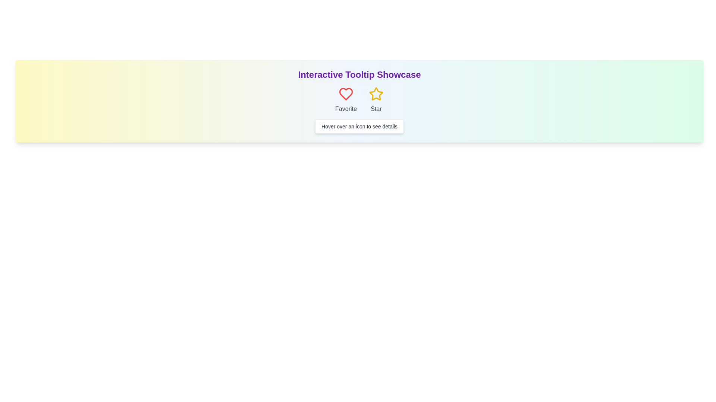 The image size is (716, 402). Describe the element at coordinates (376, 100) in the screenshot. I see `the composite element featuring a yellow outlined star icon and the text 'Star' to trigger its visual transition effect` at that location.